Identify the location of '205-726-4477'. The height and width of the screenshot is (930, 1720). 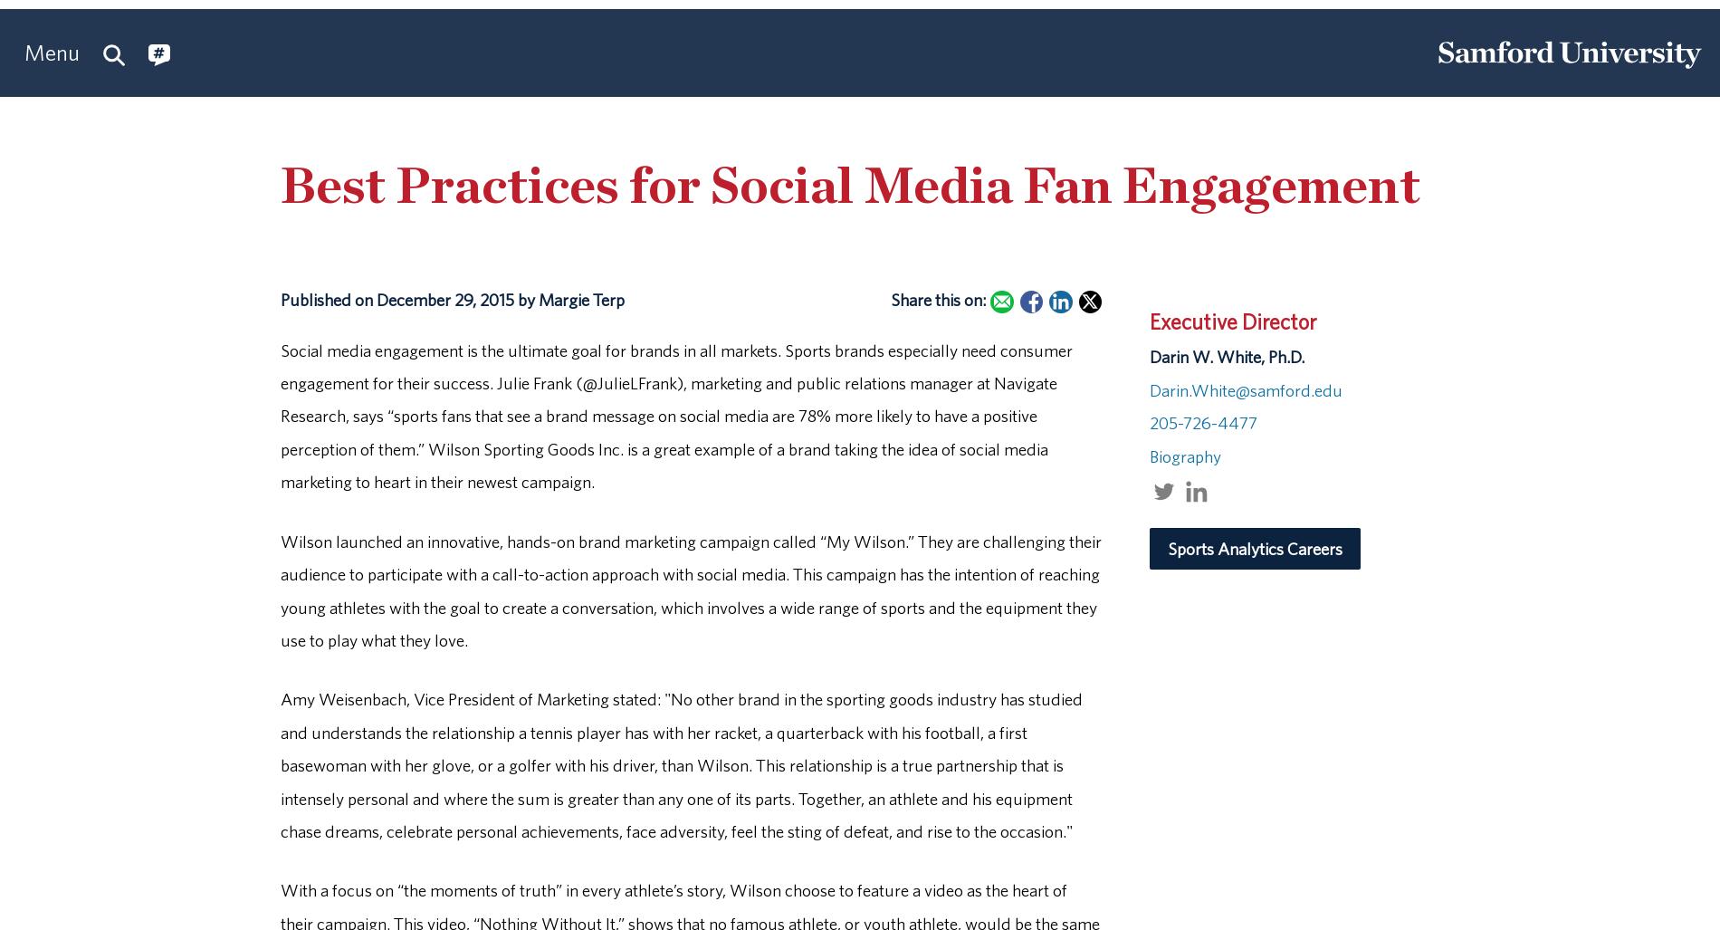
(1202, 422).